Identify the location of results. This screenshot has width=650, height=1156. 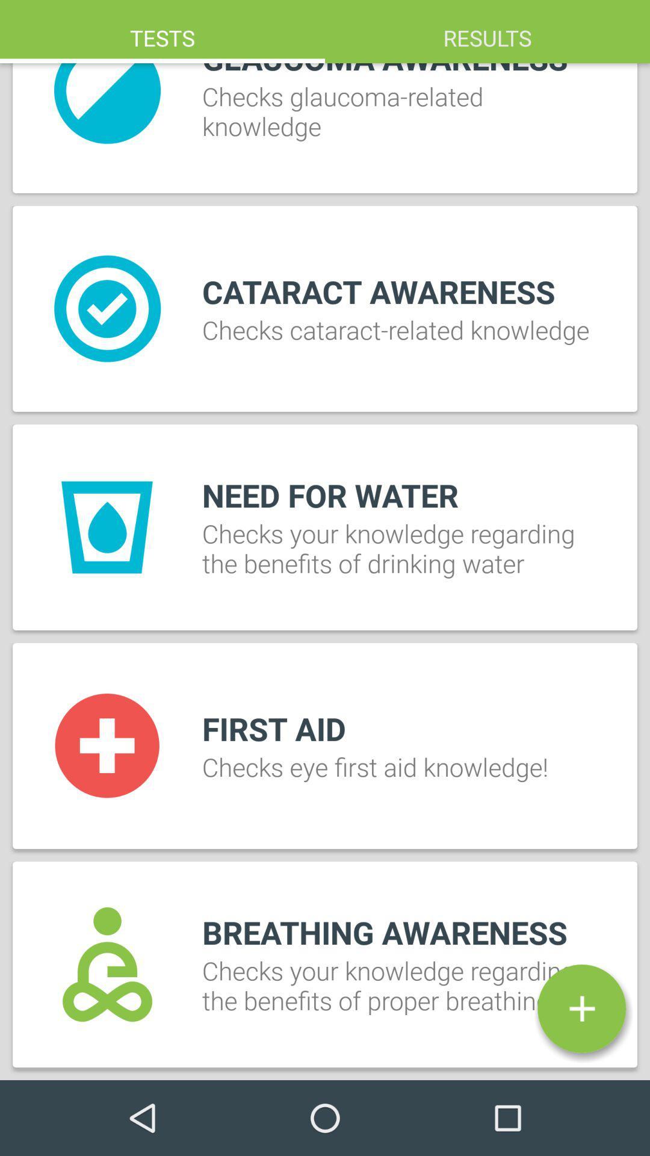
(487, 31).